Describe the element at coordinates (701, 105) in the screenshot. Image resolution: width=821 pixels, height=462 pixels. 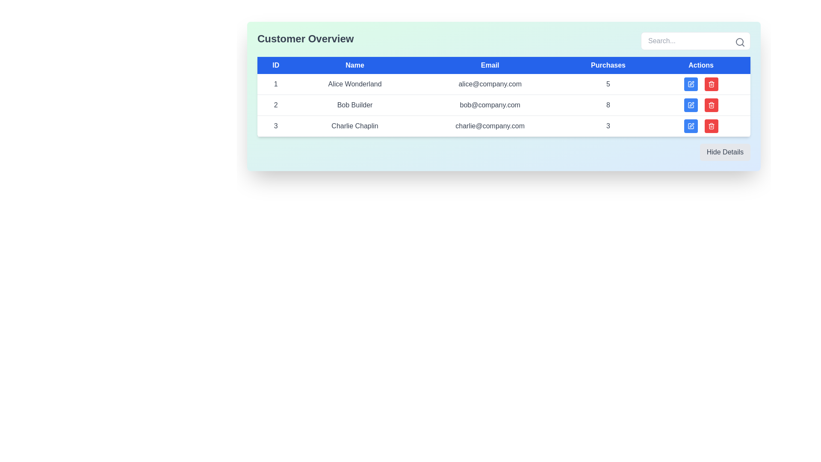
I see `the small circular indicator located between the edit and delete buttons in the Actions column of the second row of the table` at that location.